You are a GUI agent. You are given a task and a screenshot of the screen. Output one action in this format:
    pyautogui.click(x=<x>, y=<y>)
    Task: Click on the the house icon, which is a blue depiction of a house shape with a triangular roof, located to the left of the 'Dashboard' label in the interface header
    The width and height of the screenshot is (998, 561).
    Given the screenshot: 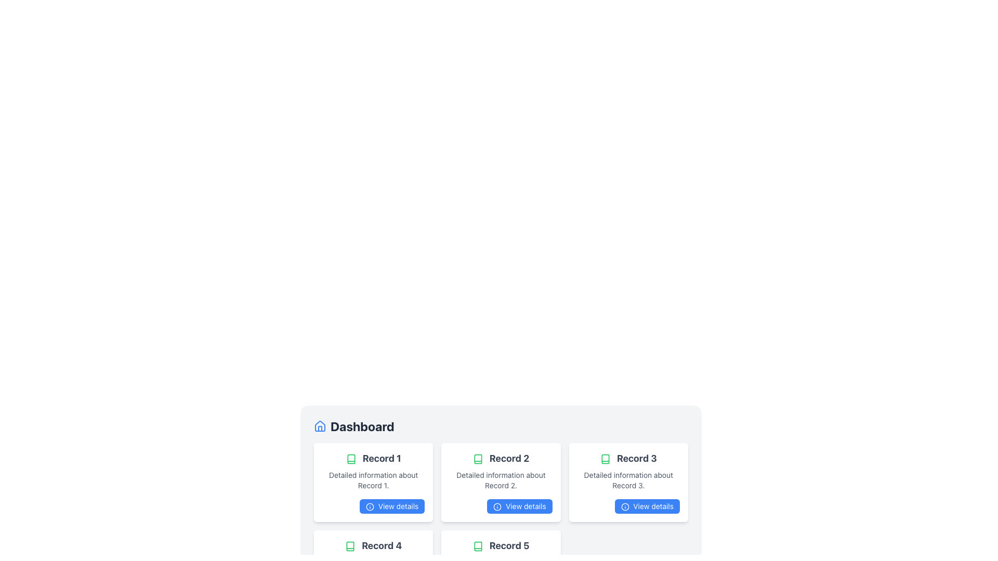 What is the action you would take?
    pyautogui.click(x=319, y=426)
    